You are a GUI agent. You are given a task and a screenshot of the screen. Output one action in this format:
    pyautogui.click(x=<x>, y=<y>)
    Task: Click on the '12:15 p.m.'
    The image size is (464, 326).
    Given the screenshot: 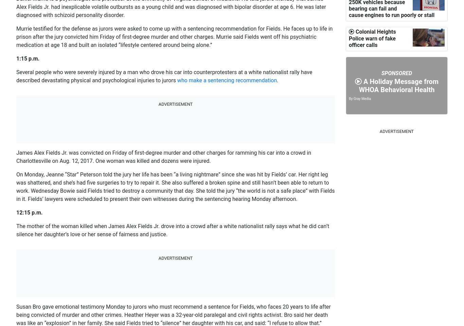 What is the action you would take?
    pyautogui.click(x=29, y=212)
    